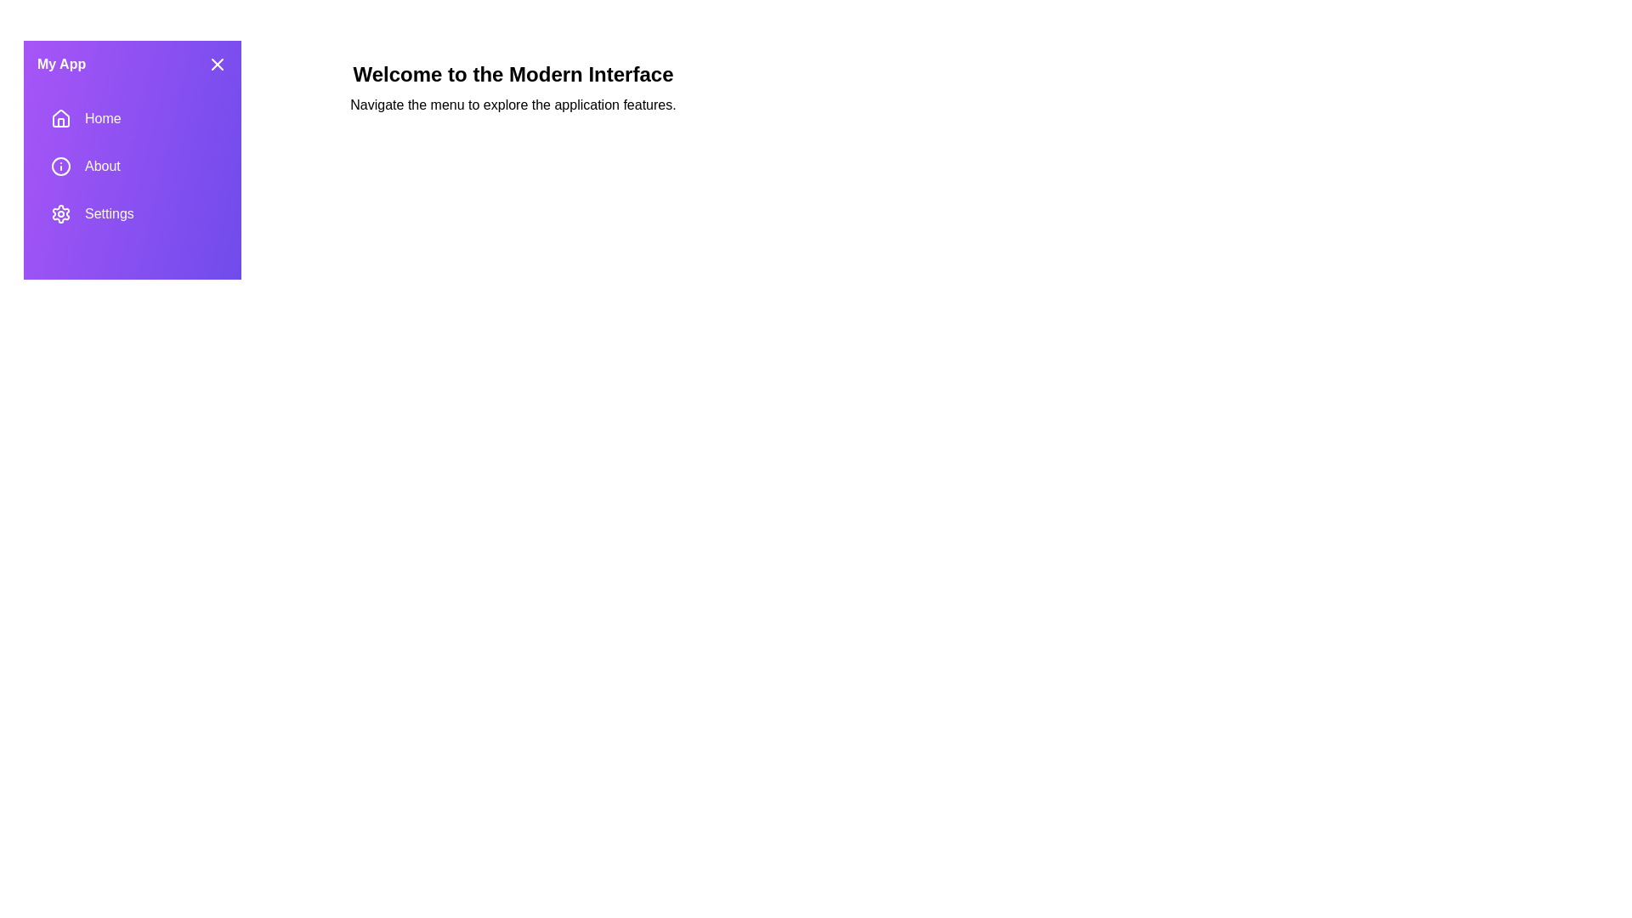 This screenshot has height=918, width=1632. What do you see at coordinates (132, 212) in the screenshot?
I see `the 'Settings' option in the drawer` at bounding box center [132, 212].